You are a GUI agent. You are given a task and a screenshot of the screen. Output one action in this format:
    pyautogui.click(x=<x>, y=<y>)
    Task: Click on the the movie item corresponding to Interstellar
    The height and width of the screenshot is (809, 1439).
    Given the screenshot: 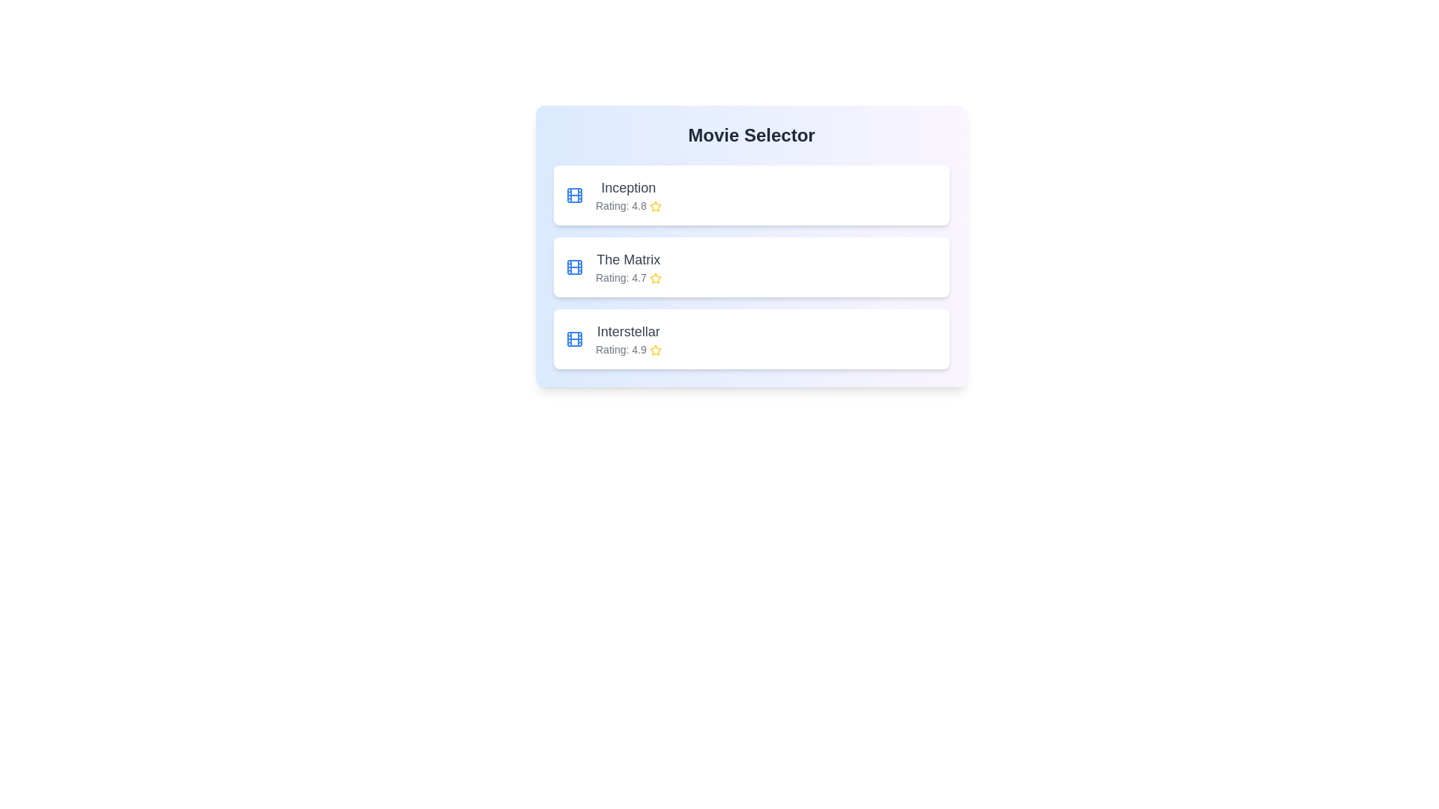 What is the action you would take?
    pyautogui.click(x=752, y=339)
    